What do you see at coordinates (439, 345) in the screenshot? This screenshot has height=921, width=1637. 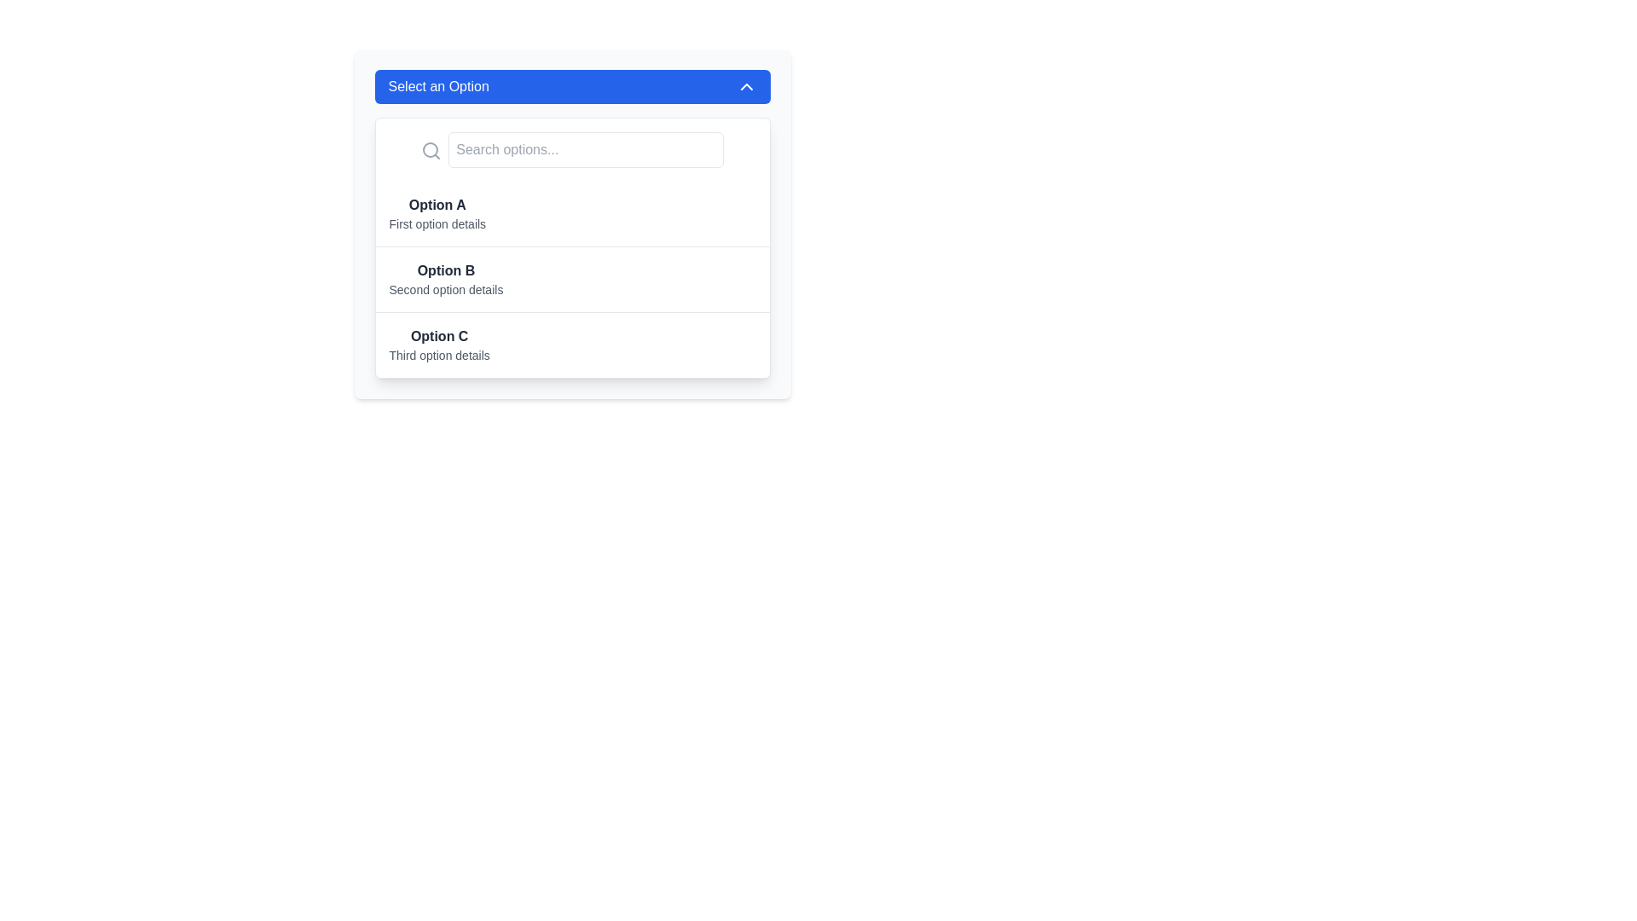 I see `the third entry in the dropdown menu titled 'Select an Option'` at bounding box center [439, 345].